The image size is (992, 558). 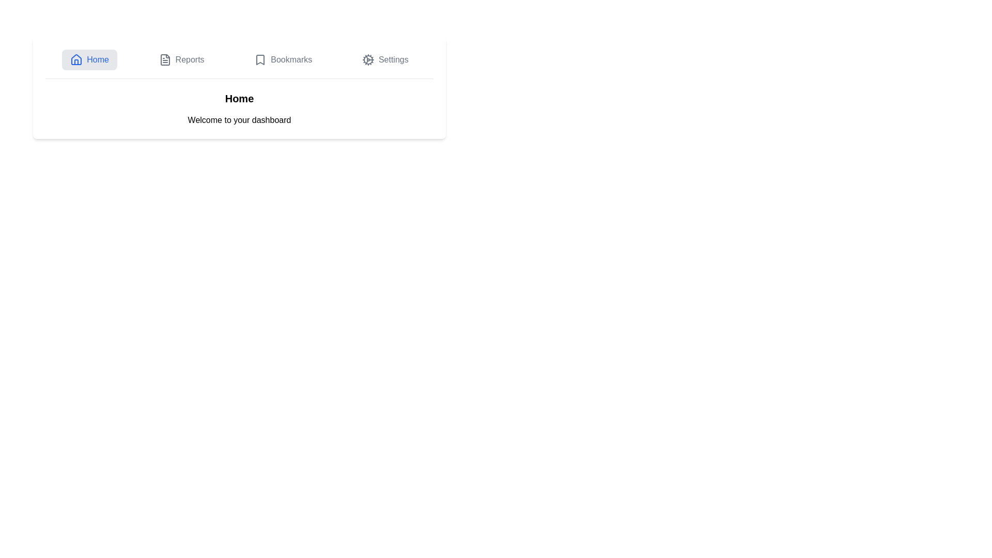 I want to click on the third clickable navigation tab labeled 'Bookmarks', which features a bookmark icon on the left, so click(x=283, y=59).